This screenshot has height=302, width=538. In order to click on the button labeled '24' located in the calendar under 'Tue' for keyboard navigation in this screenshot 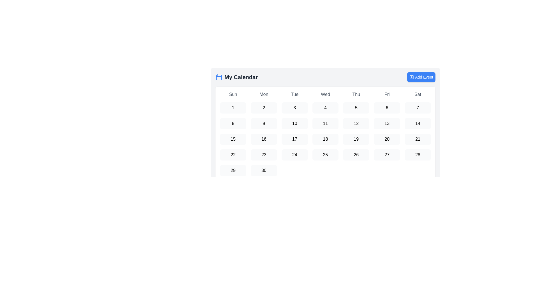, I will do `click(294, 155)`.